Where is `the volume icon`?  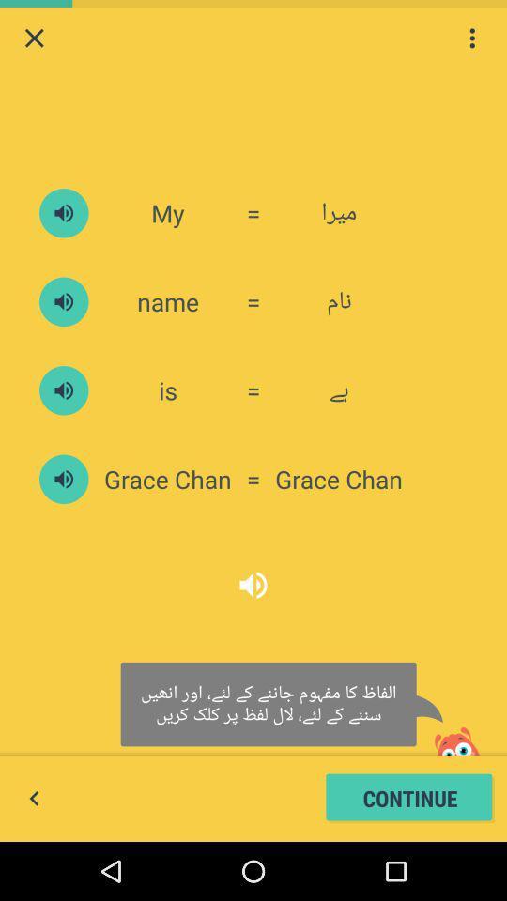
the volume icon is located at coordinates (253, 626).